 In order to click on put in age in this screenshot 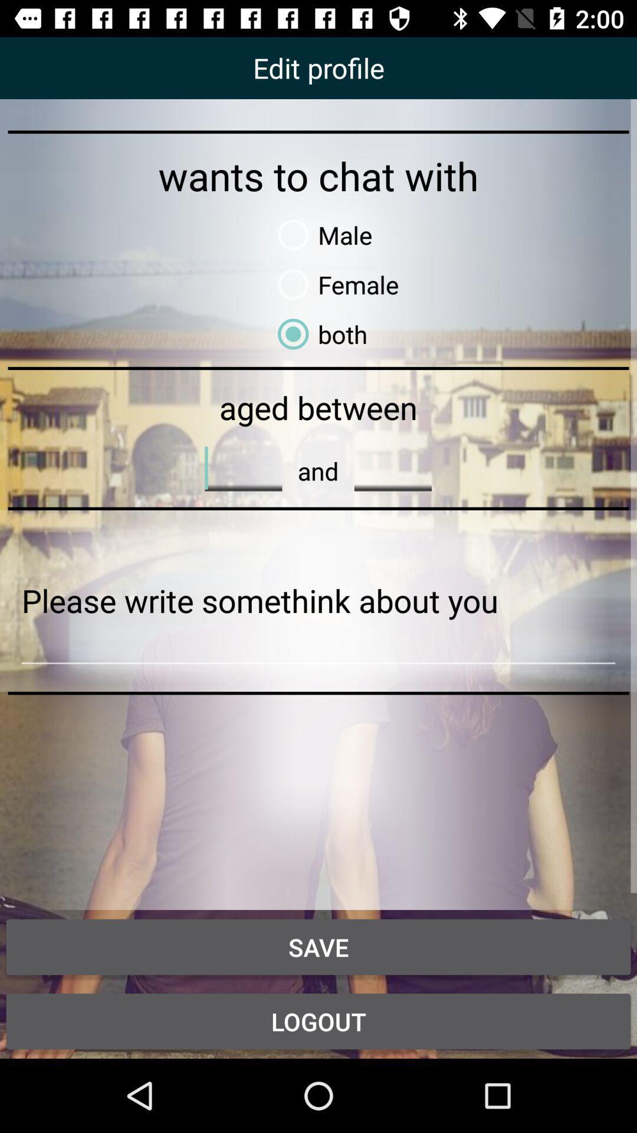, I will do `click(242, 467)`.